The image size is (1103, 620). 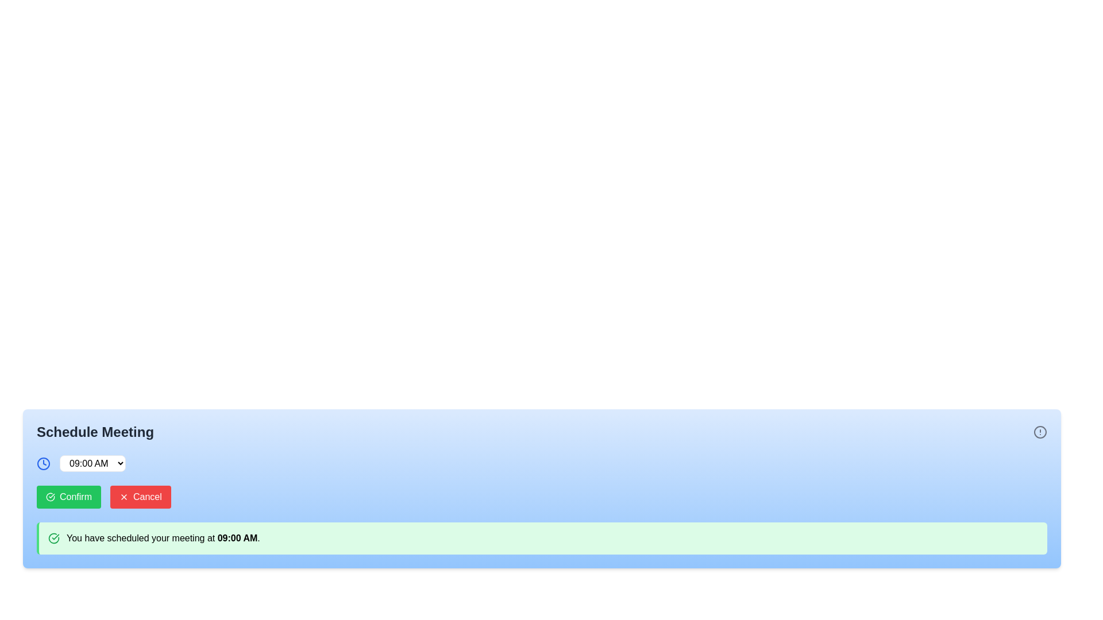 I want to click on the circular icon with a gray border, centered vertical line, and dot in the top-right corner next to the 'Schedule Meeting' title, so click(x=1040, y=432).